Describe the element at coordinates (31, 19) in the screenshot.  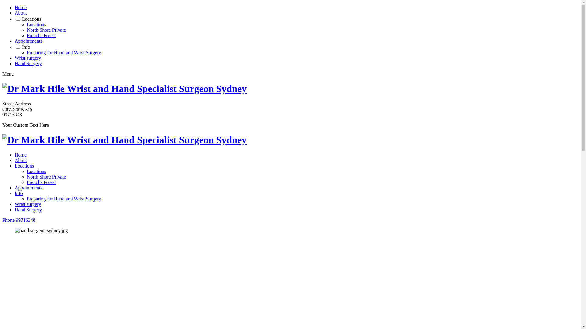
I see `'Locations'` at that location.